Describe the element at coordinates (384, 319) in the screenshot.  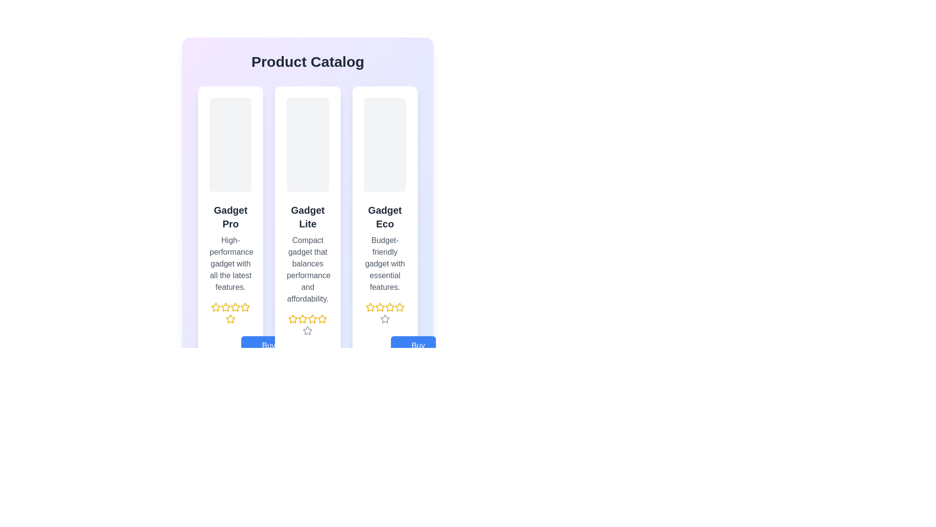
I see `the gray outlined star icon beneath the description of the third product listing titled 'Gadget Eco'` at that location.